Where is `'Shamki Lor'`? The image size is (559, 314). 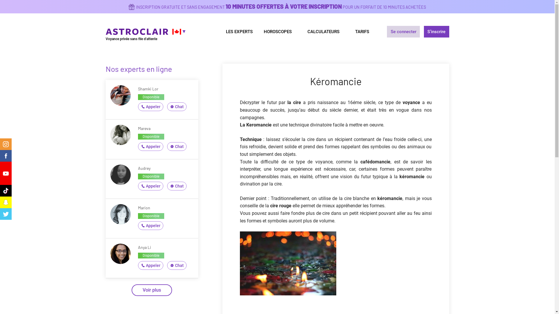
'Shamki Lor' is located at coordinates (138, 89).